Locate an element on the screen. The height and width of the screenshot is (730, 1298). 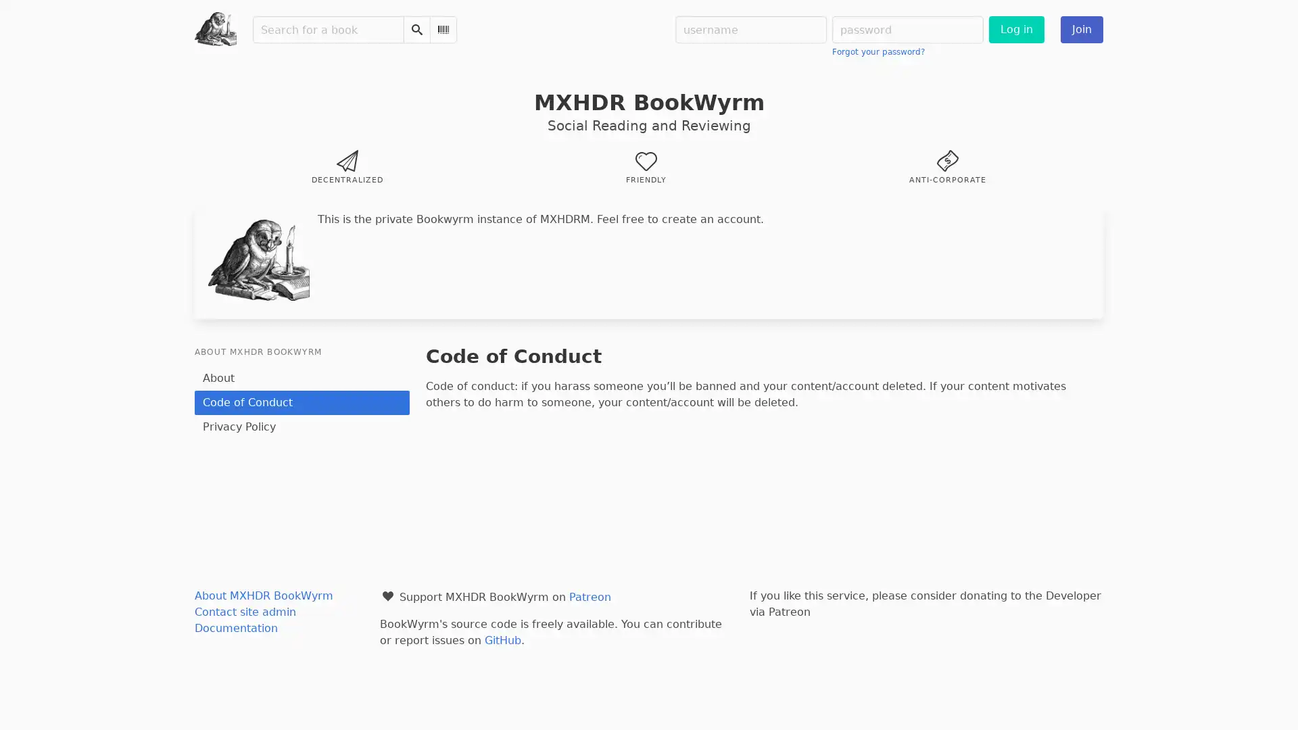
Log in is located at coordinates (1016, 29).